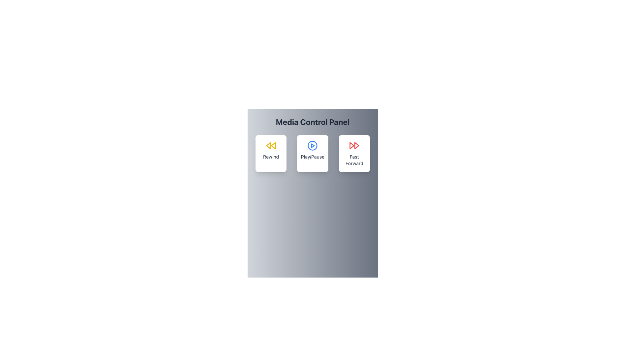 The height and width of the screenshot is (356, 633). I want to click on label text that says 'Fast Forward', which is styled in gray and located below a red fast-forward icon within a button-like interface in the Media Control Panel, so click(354, 160).